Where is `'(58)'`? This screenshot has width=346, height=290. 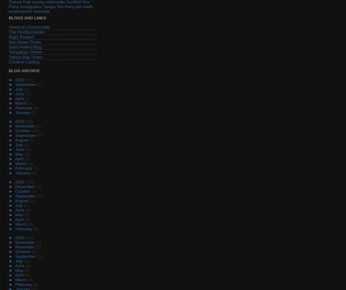 '(58)' is located at coordinates (29, 121).